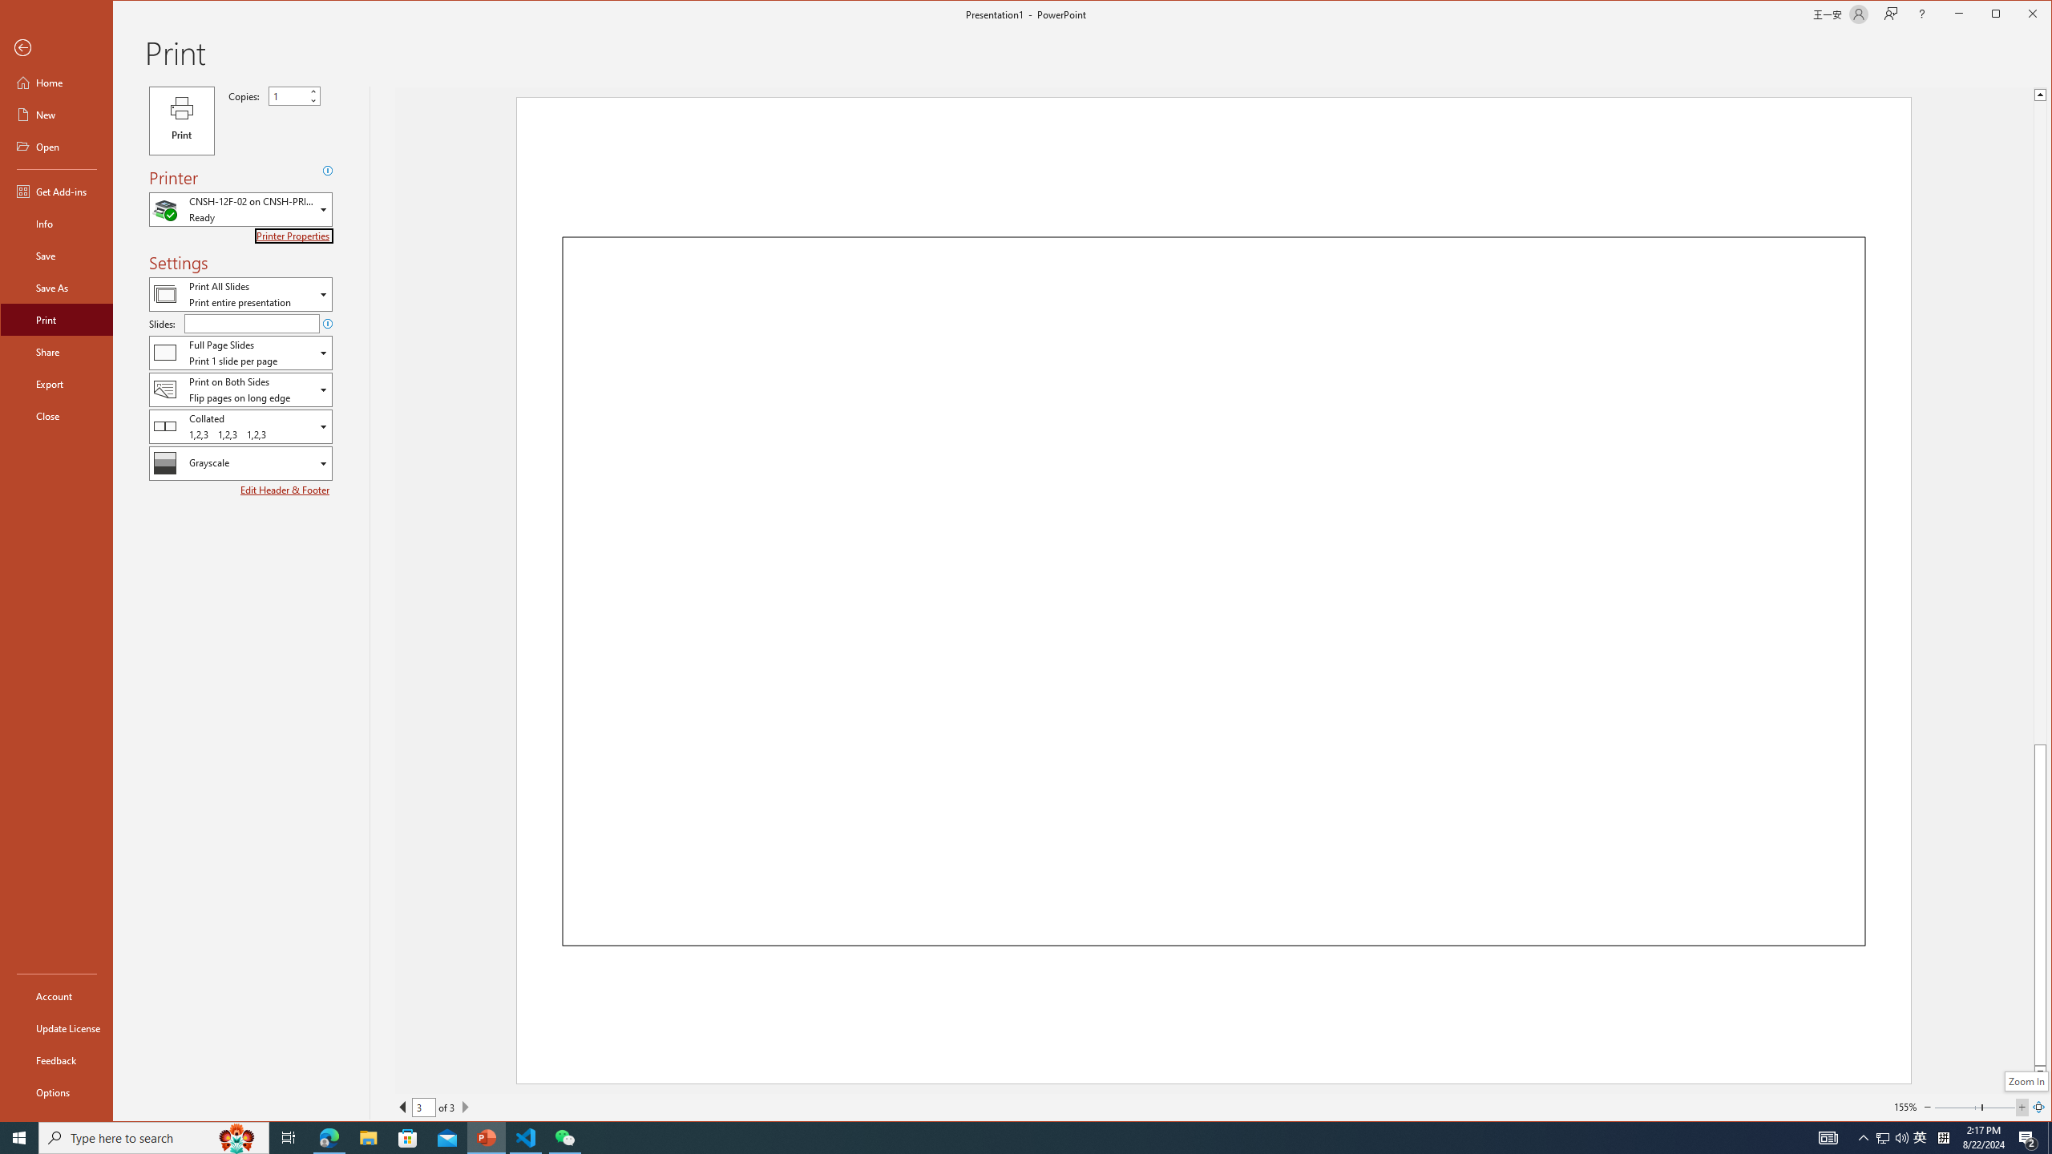  Describe the element at coordinates (2028, 1136) in the screenshot. I see `'Action Center, 2 new notifications'` at that location.